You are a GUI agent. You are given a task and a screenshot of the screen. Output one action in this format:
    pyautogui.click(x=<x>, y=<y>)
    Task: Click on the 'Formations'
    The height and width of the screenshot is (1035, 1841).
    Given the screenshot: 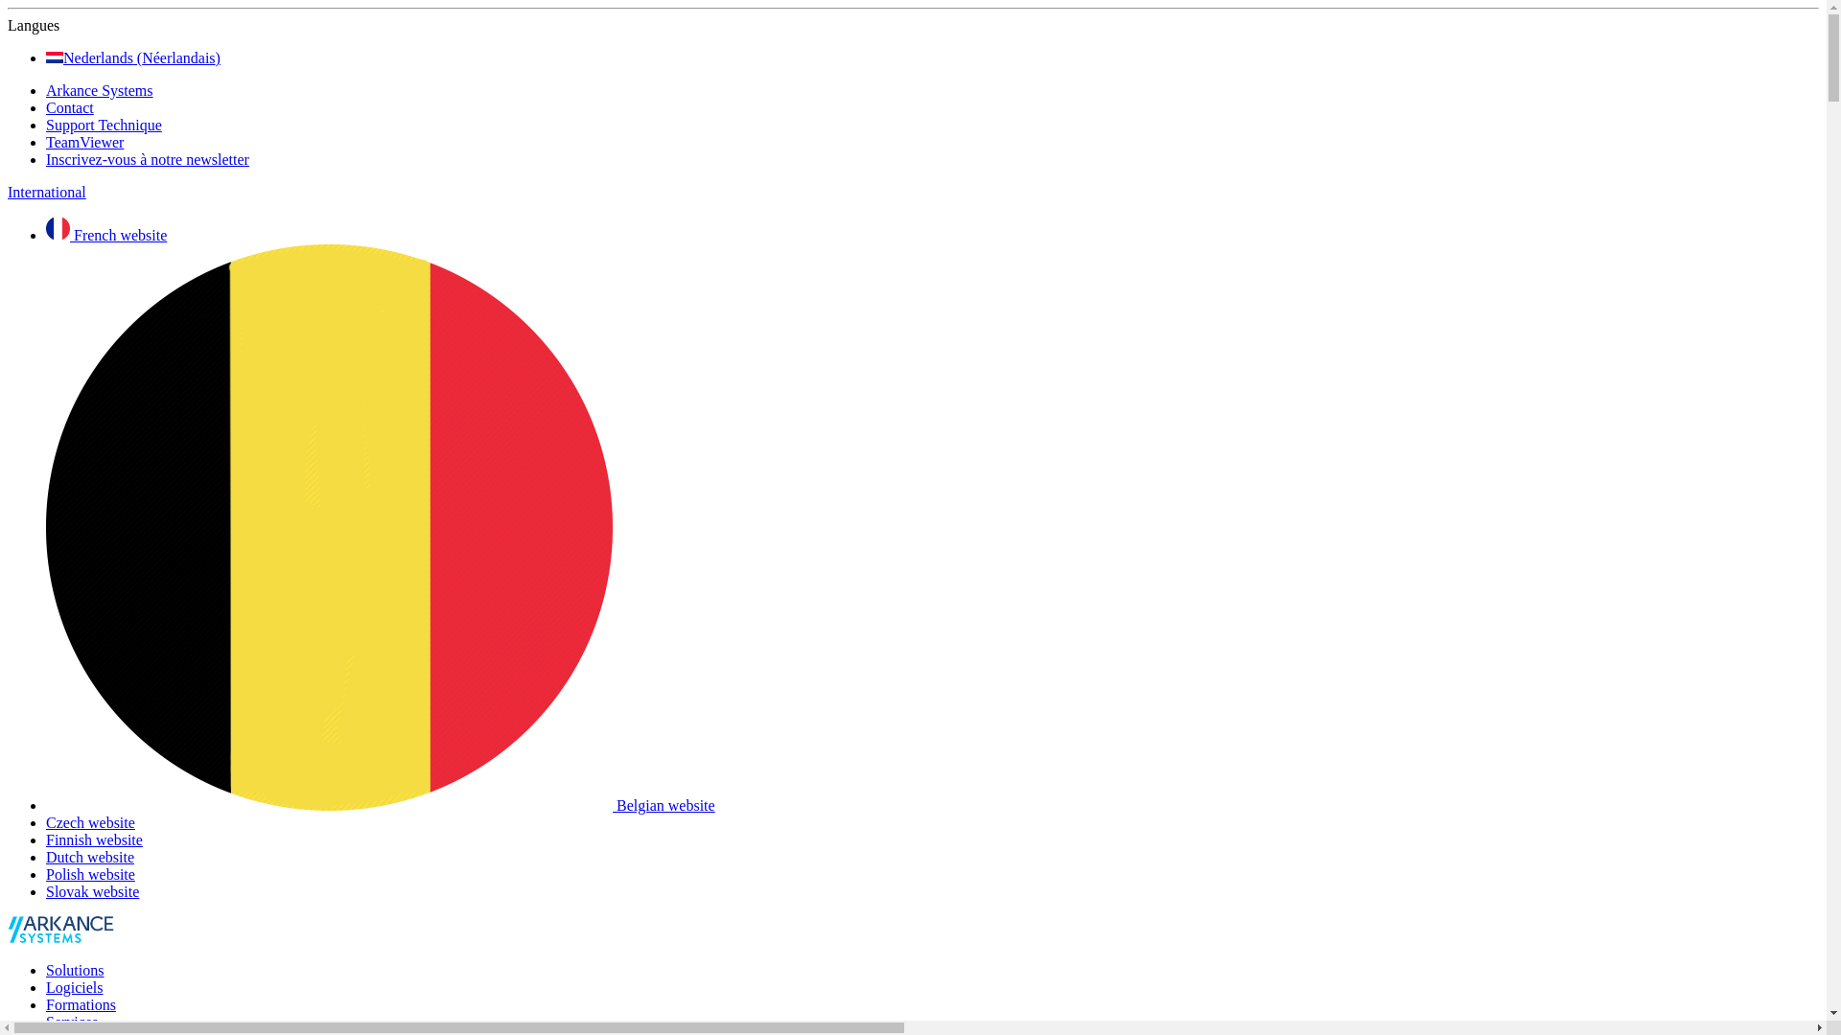 What is the action you would take?
    pyautogui.click(x=80, y=1003)
    